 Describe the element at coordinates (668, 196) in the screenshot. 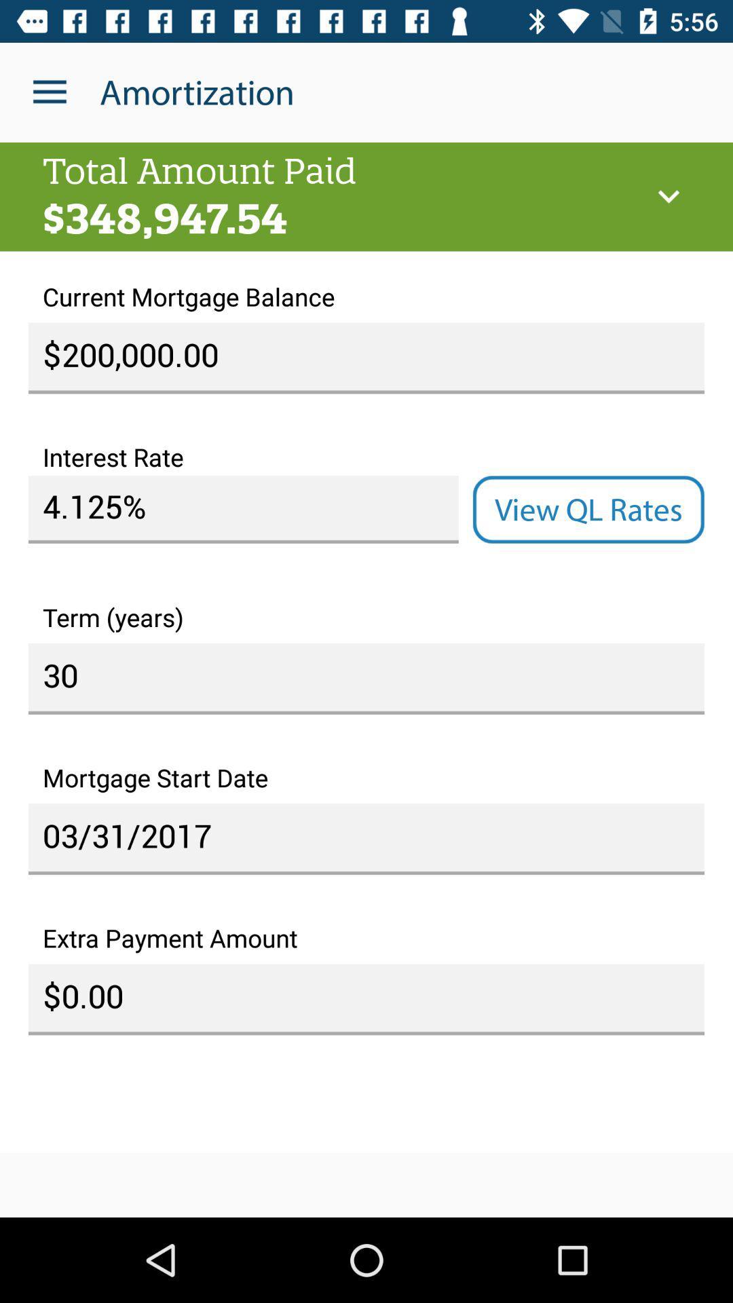

I see `the expand_more icon` at that location.